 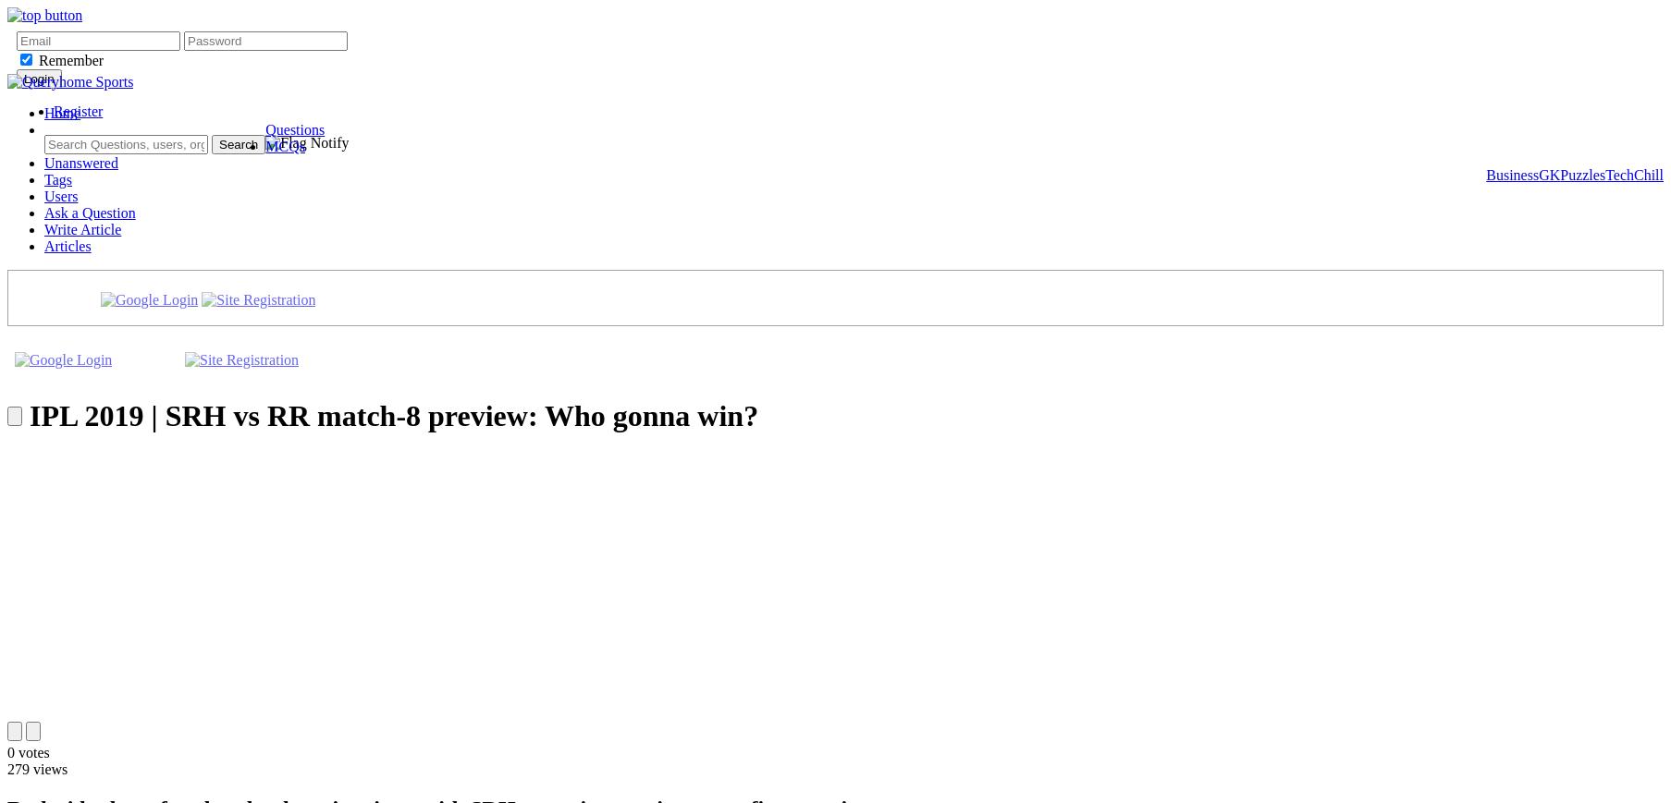 I want to click on 'Register', so click(x=77, y=110).